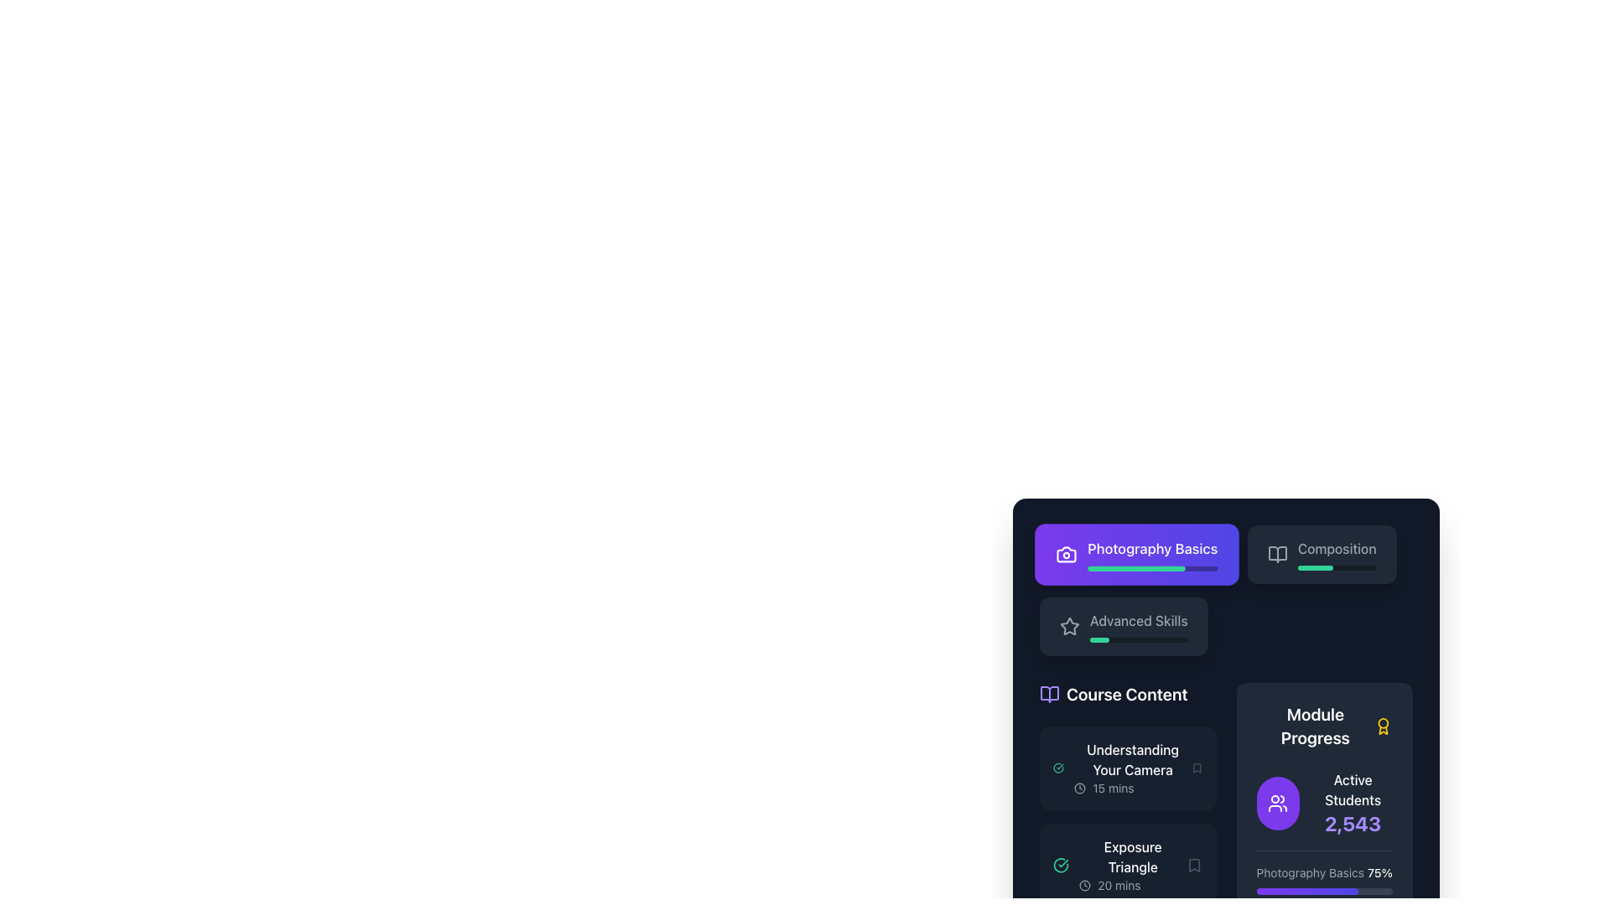  Describe the element at coordinates (1151, 567) in the screenshot. I see `the progress bar that visually represents the completion status of the 'Photography Basics' module` at that location.